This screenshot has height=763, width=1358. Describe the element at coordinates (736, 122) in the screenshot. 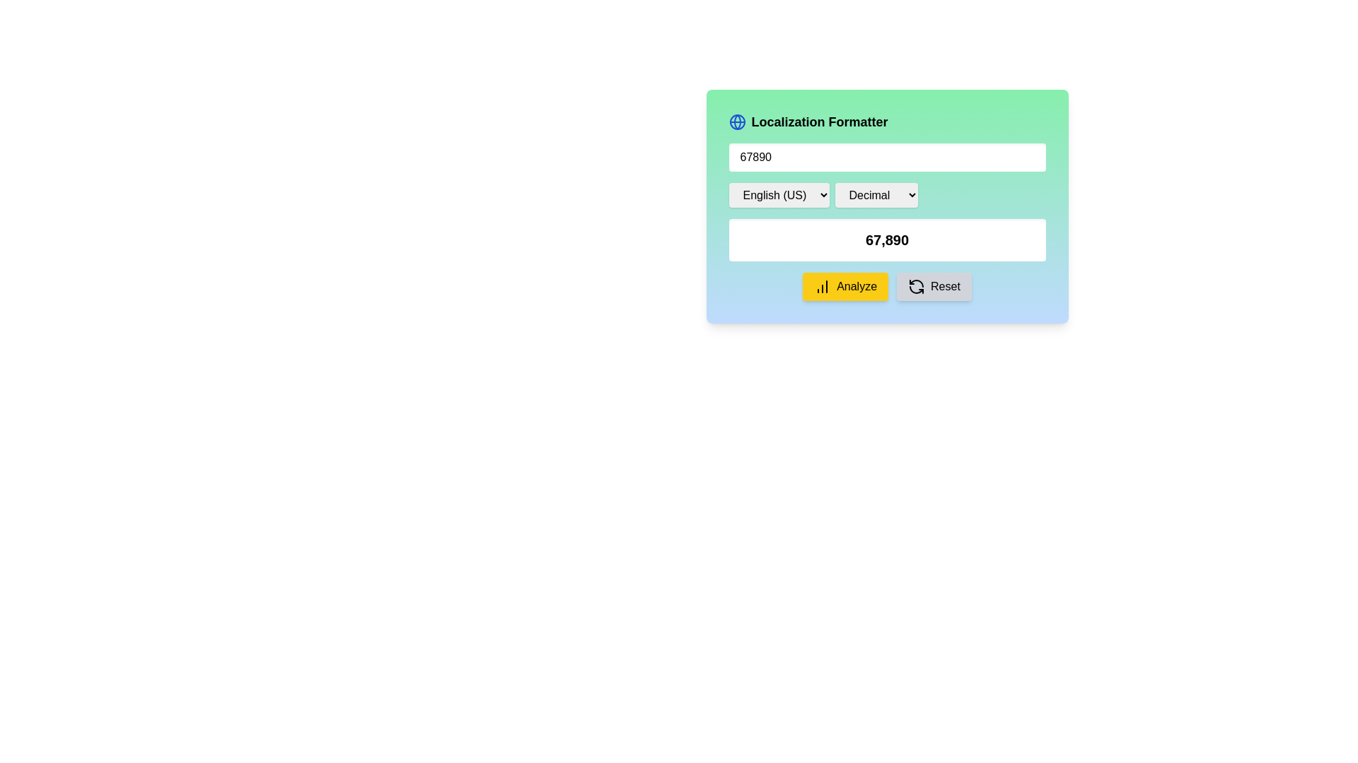

I see `the decorative globe icon located at the top-left of the 'Localization Formatter' card, positioned to the left of the title text` at that location.